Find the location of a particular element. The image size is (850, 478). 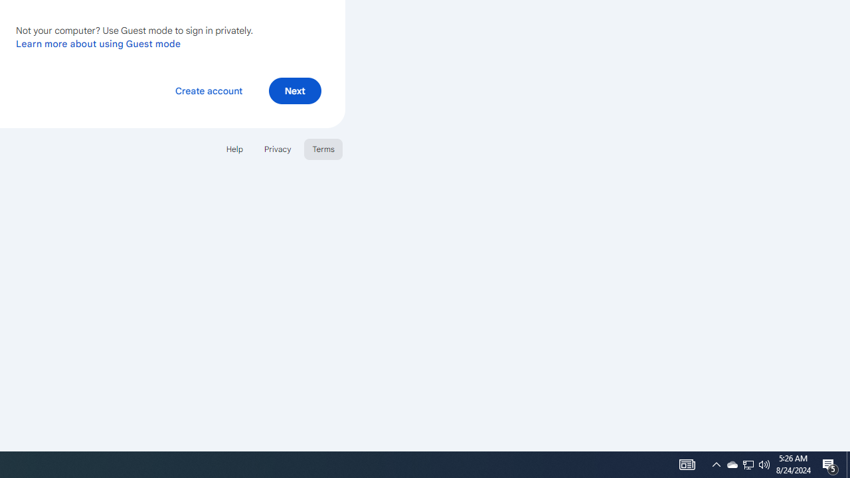

'Next' is located at coordinates (294, 90).